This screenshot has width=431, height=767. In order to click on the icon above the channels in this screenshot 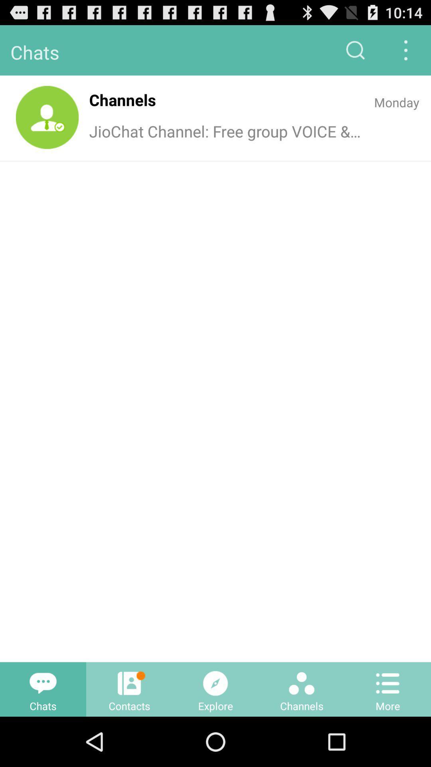, I will do `click(302, 683)`.